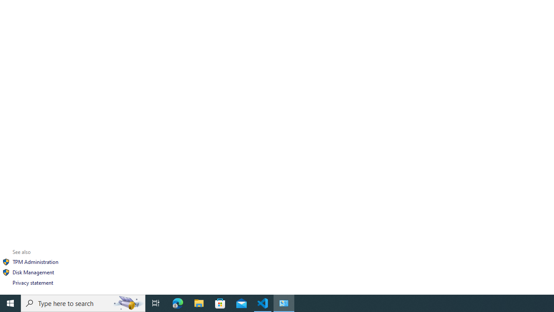 This screenshot has height=312, width=554. What do you see at coordinates (155, 302) in the screenshot?
I see `'Task View'` at bounding box center [155, 302].